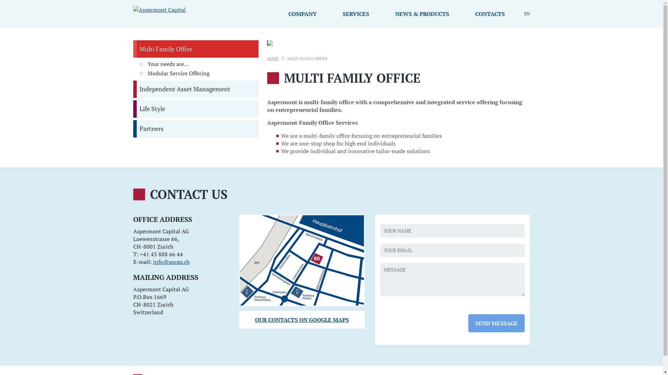 The width and height of the screenshot is (668, 375). I want to click on 'Modular Service Offering', so click(198, 73).